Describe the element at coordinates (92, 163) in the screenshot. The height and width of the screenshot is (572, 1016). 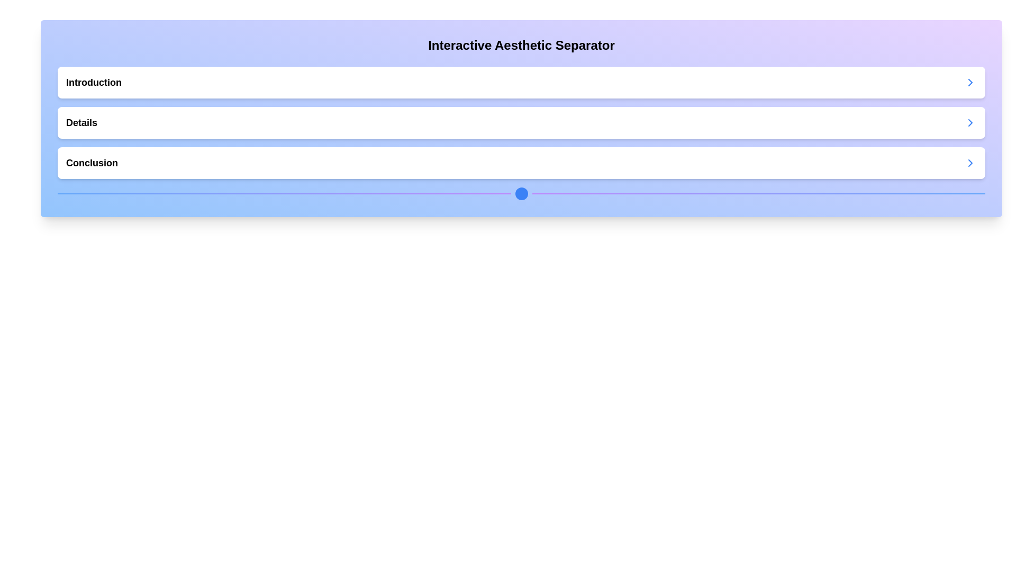
I see `the 'Conclusion' section header text label, which is the last item in a vertically stacked list of items below the 'Interactive Aesthetic Separator' title` at that location.